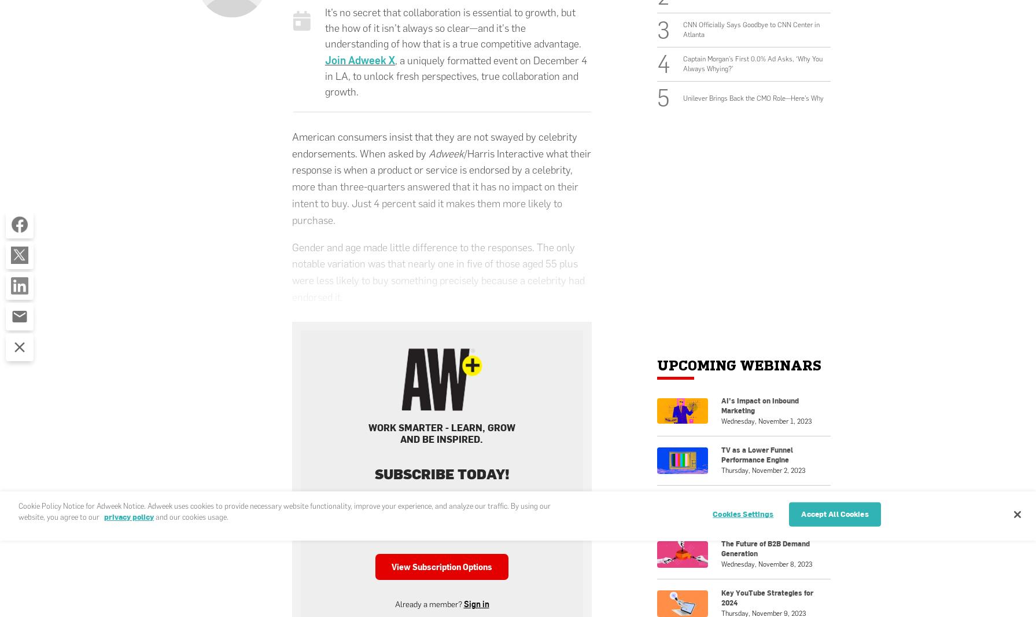 The height and width of the screenshot is (617, 1036). What do you see at coordinates (766, 597) in the screenshot?
I see `'Key YouTube Strategies for 2024'` at bounding box center [766, 597].